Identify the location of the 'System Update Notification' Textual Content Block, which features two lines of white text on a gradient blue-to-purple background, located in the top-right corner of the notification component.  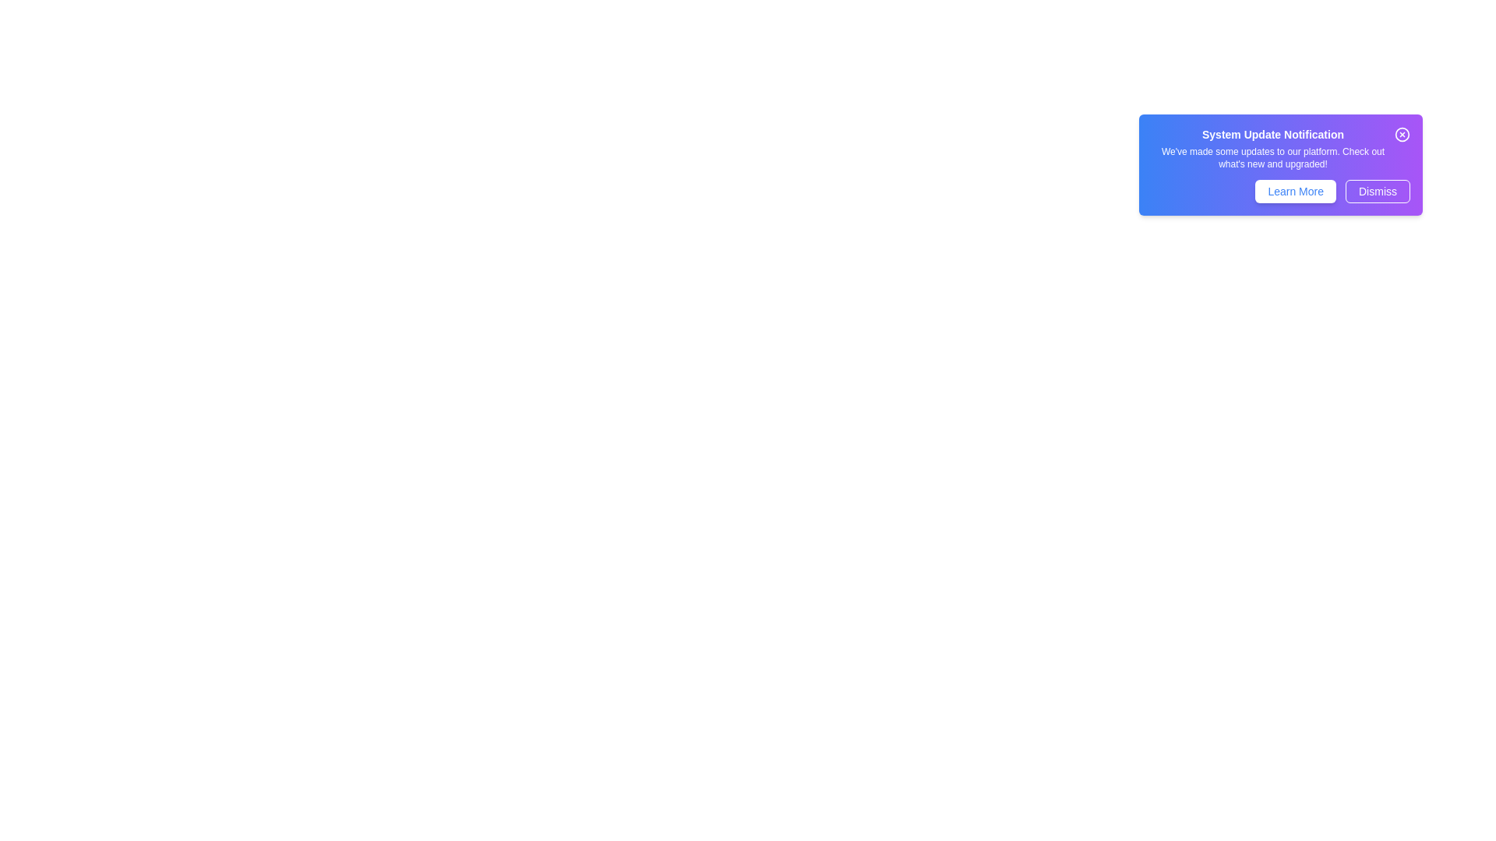
(1272, 149).